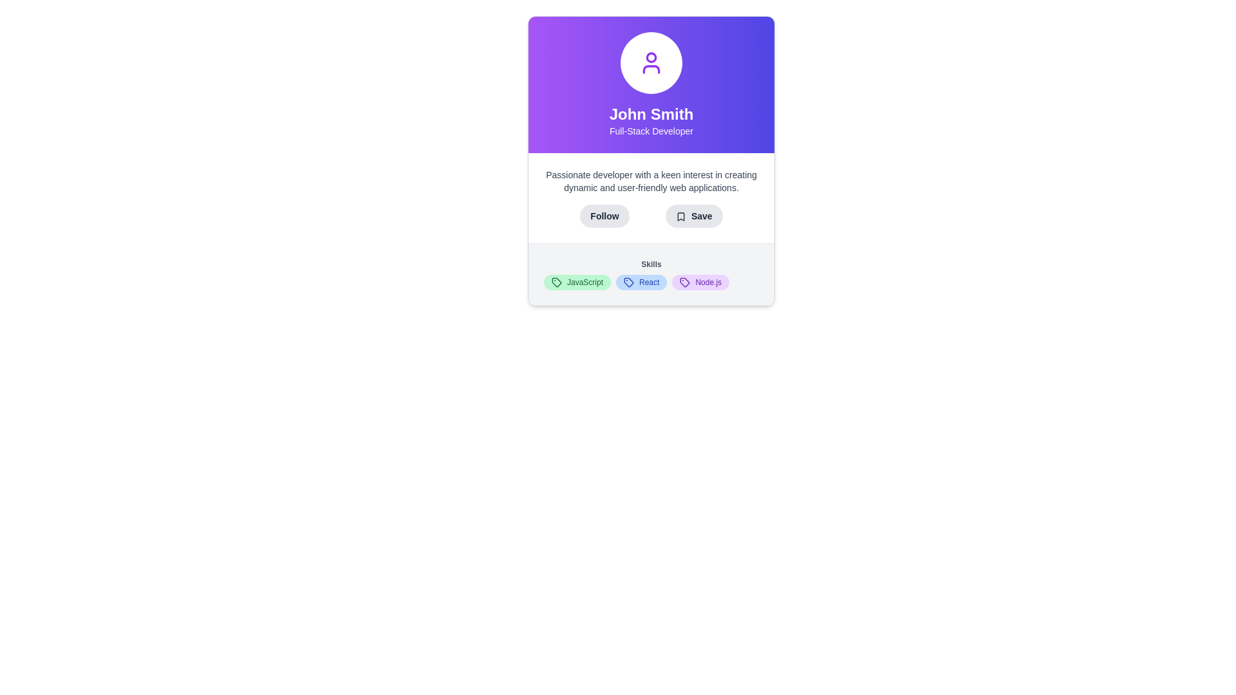 The image size is (1236, 695). Describe the element at coordinates (680, 216) in the screenshot. I see `the bookmark icon embedded within the 'Save' button located at the bottom-right corner of the profile card` at that location.